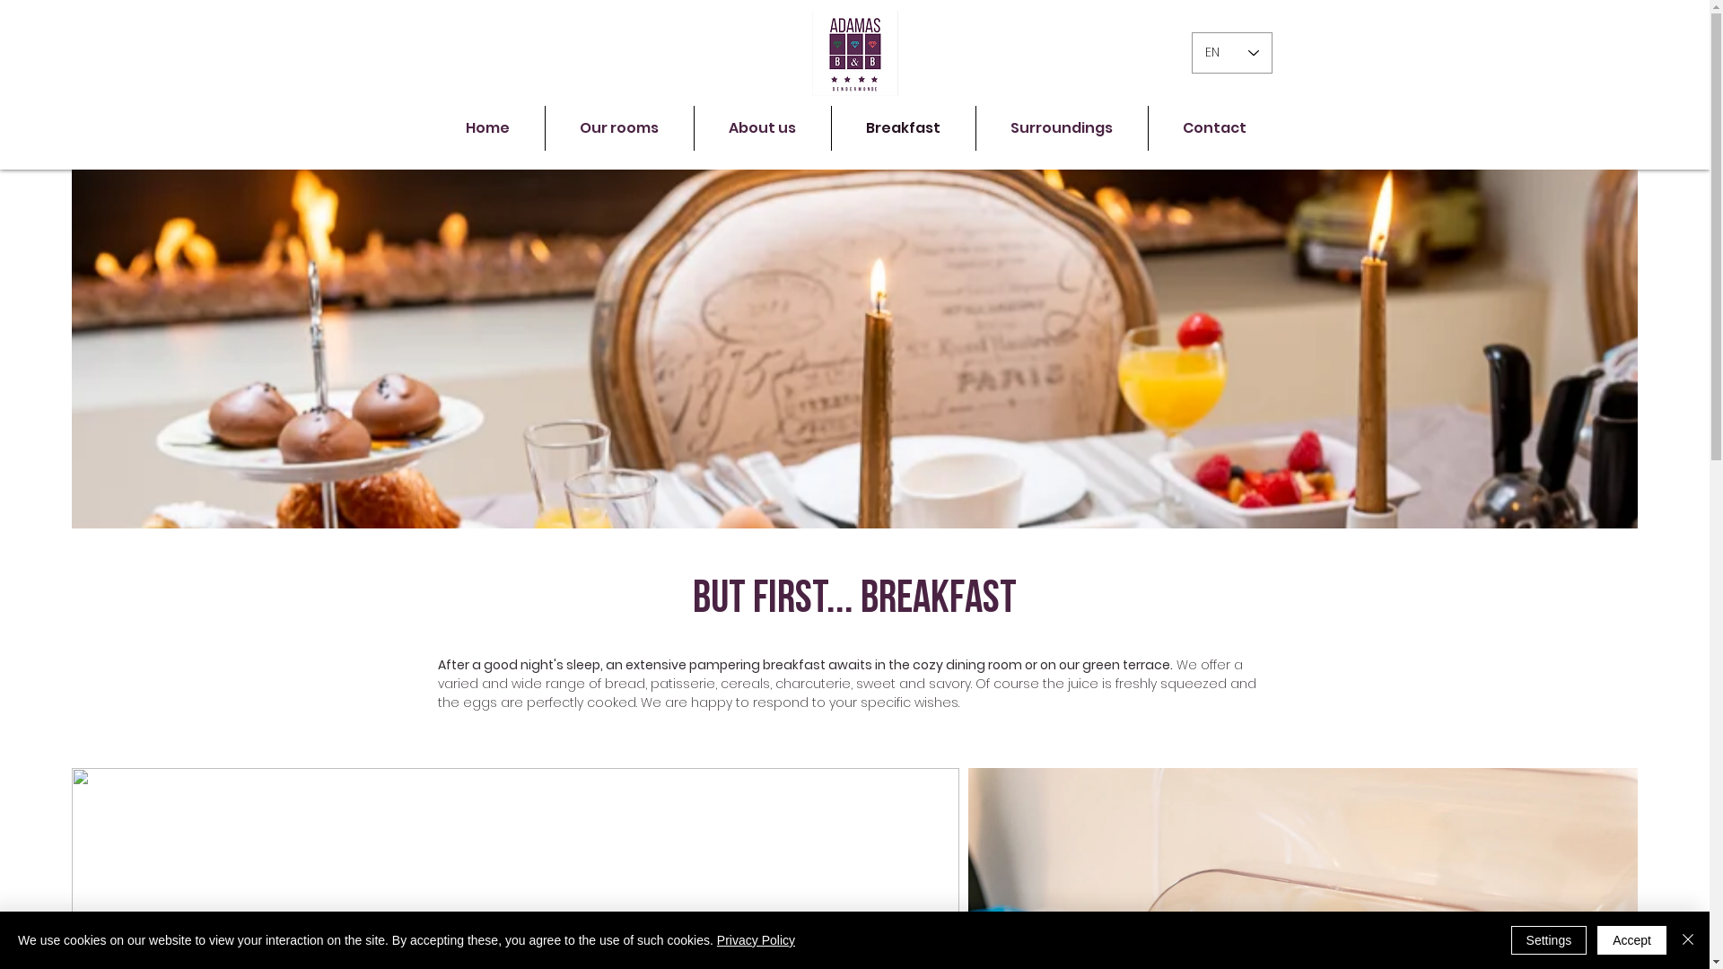 This screenshot has height=969, width=1723. What do you see at coordinates (1214, 127) in the screenshot?
I see `'Contact'` at bounding box center [1214, 127].